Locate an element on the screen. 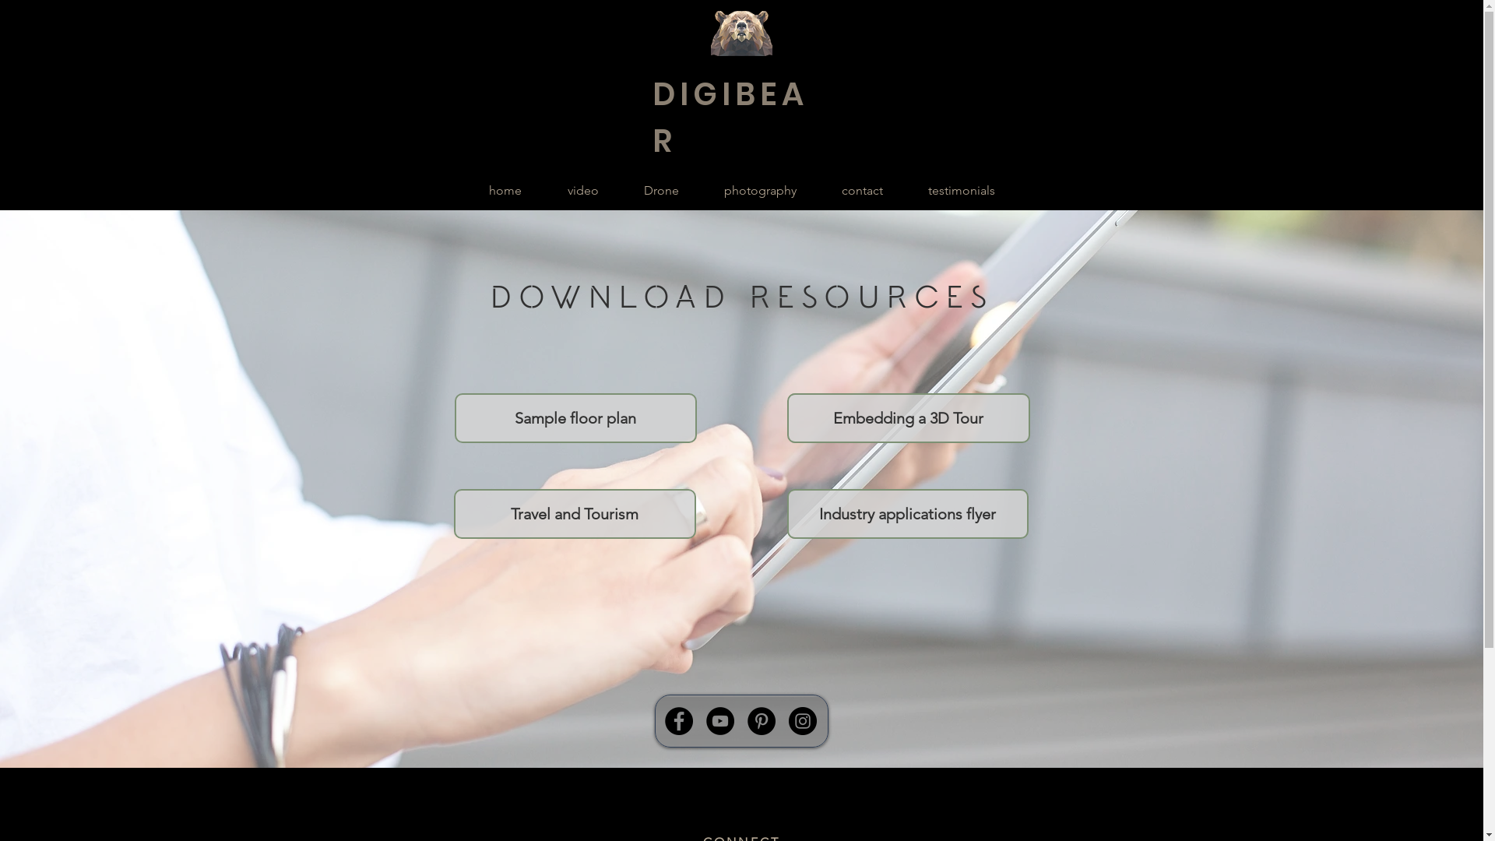  'testimonials' is located at coordinates (959, 190).